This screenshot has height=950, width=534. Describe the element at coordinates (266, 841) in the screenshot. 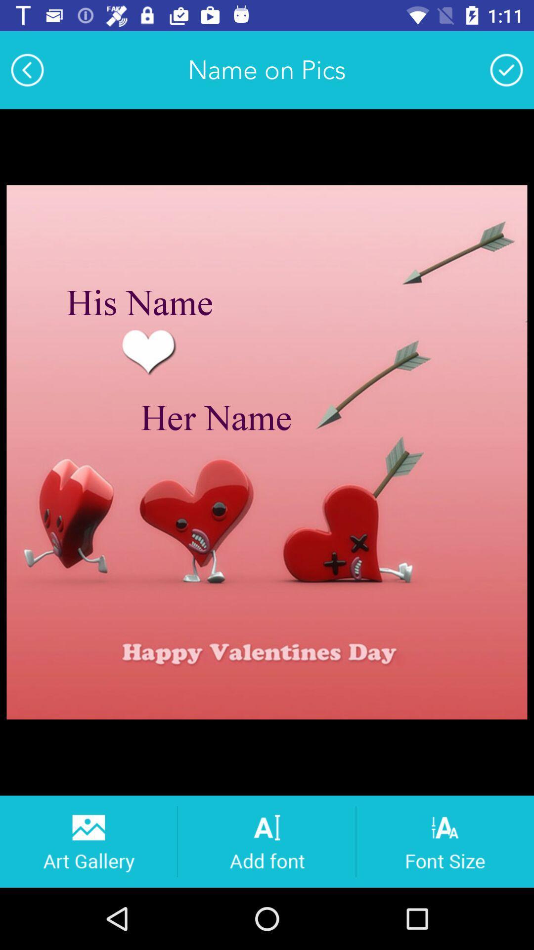

I see `font` at that location.